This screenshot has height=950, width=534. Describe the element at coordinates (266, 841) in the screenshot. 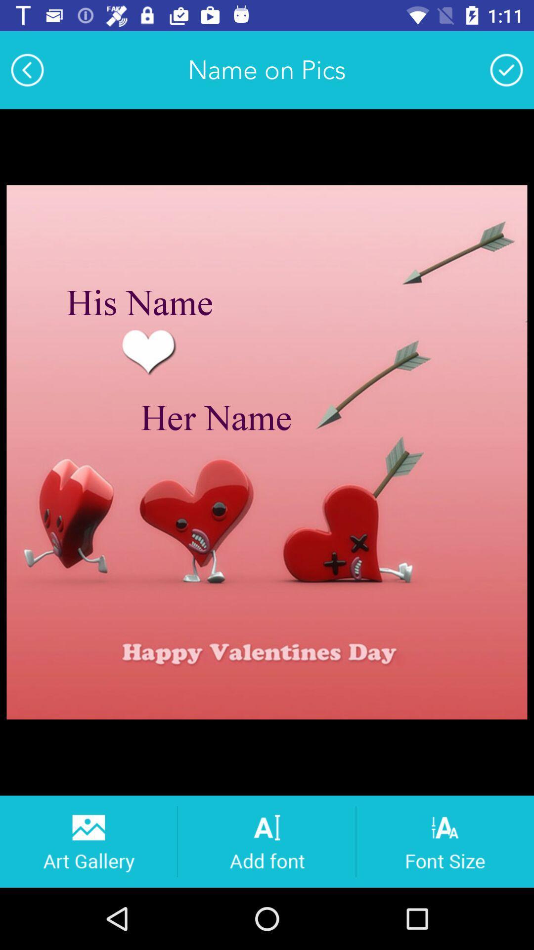

I see `font` at that location.